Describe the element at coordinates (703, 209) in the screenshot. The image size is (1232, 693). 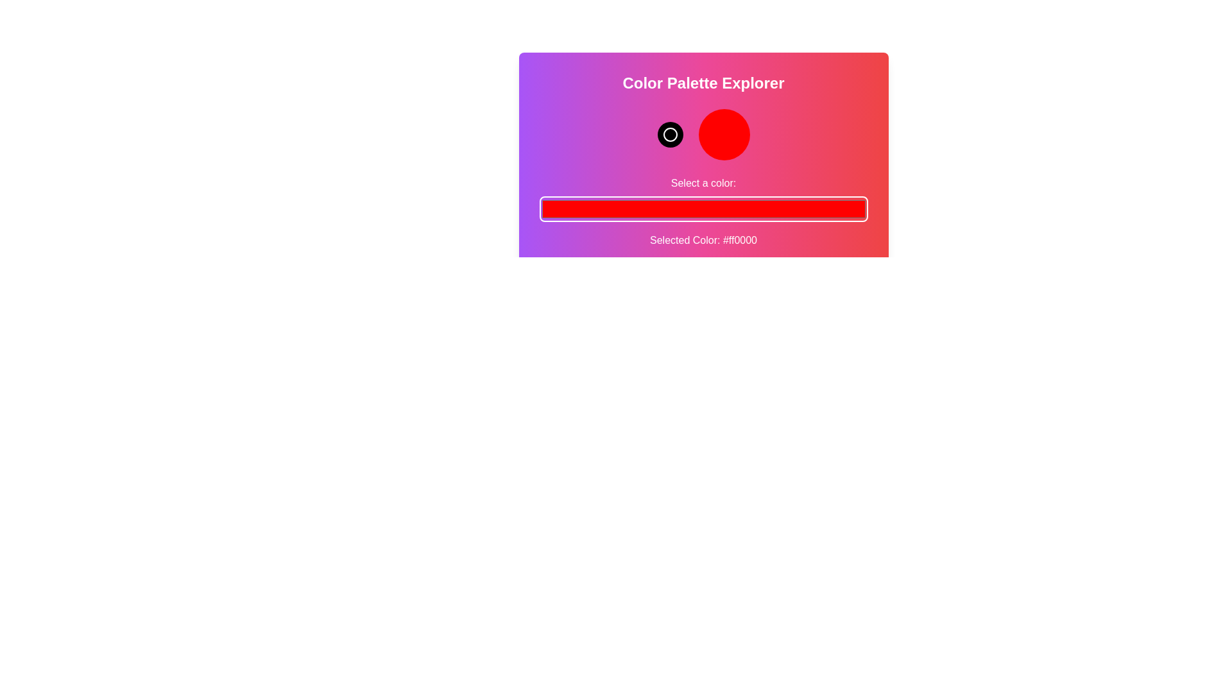
I see `the color picker to a specific color value 9546725` at that location.